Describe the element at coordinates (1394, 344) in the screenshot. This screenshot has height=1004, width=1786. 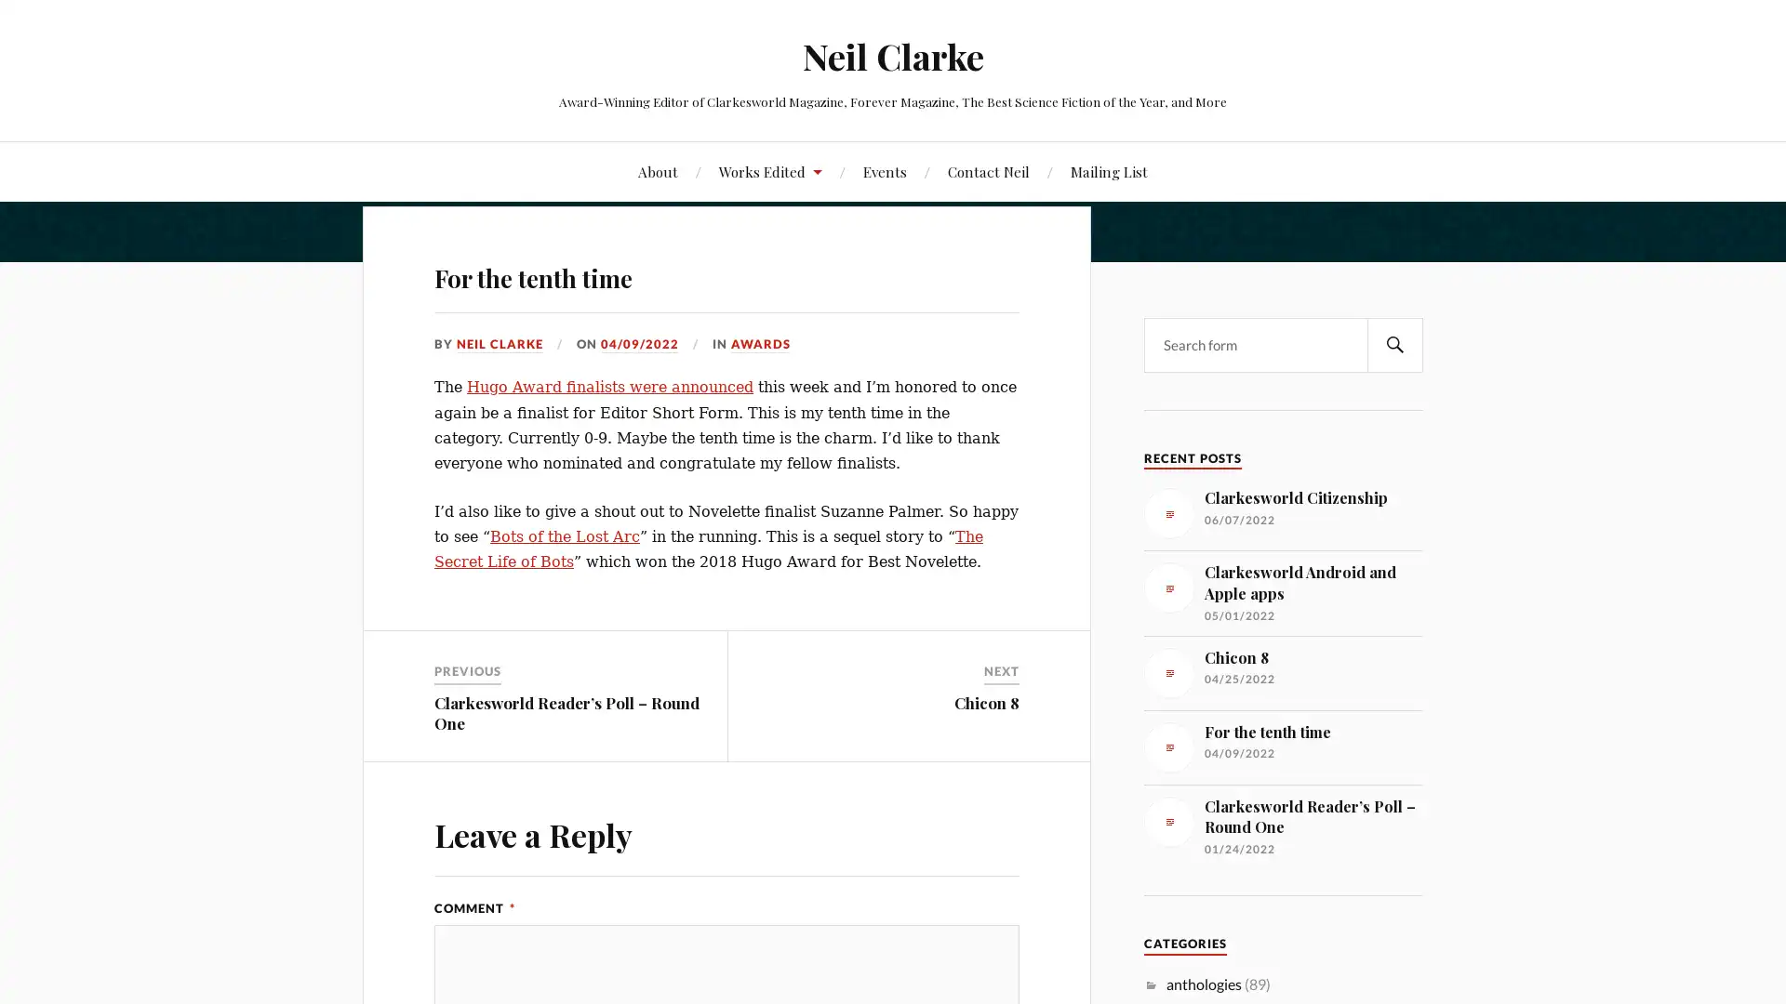
I see `SEARCH` at that location.